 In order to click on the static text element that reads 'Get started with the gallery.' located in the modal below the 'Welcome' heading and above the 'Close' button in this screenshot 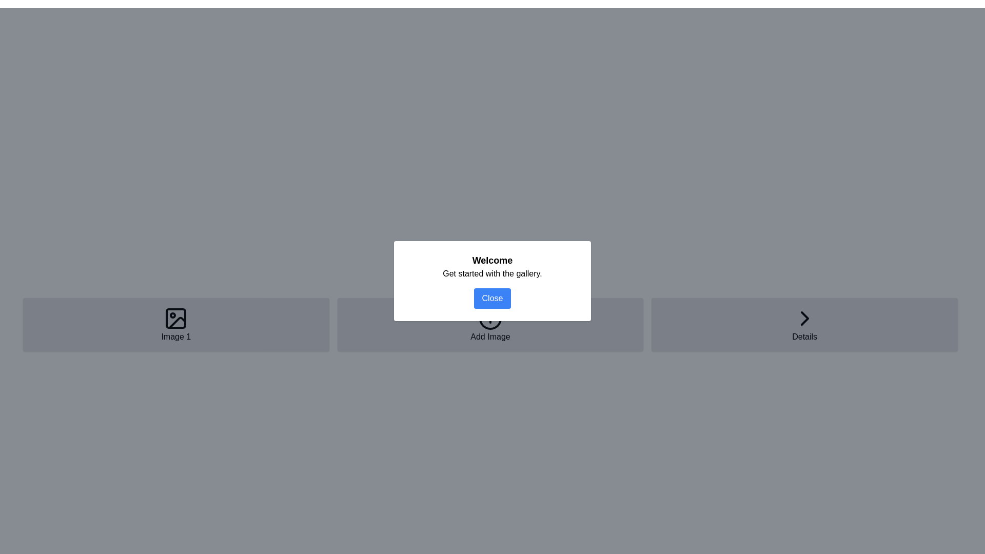, I will do `click(493, 273)`.